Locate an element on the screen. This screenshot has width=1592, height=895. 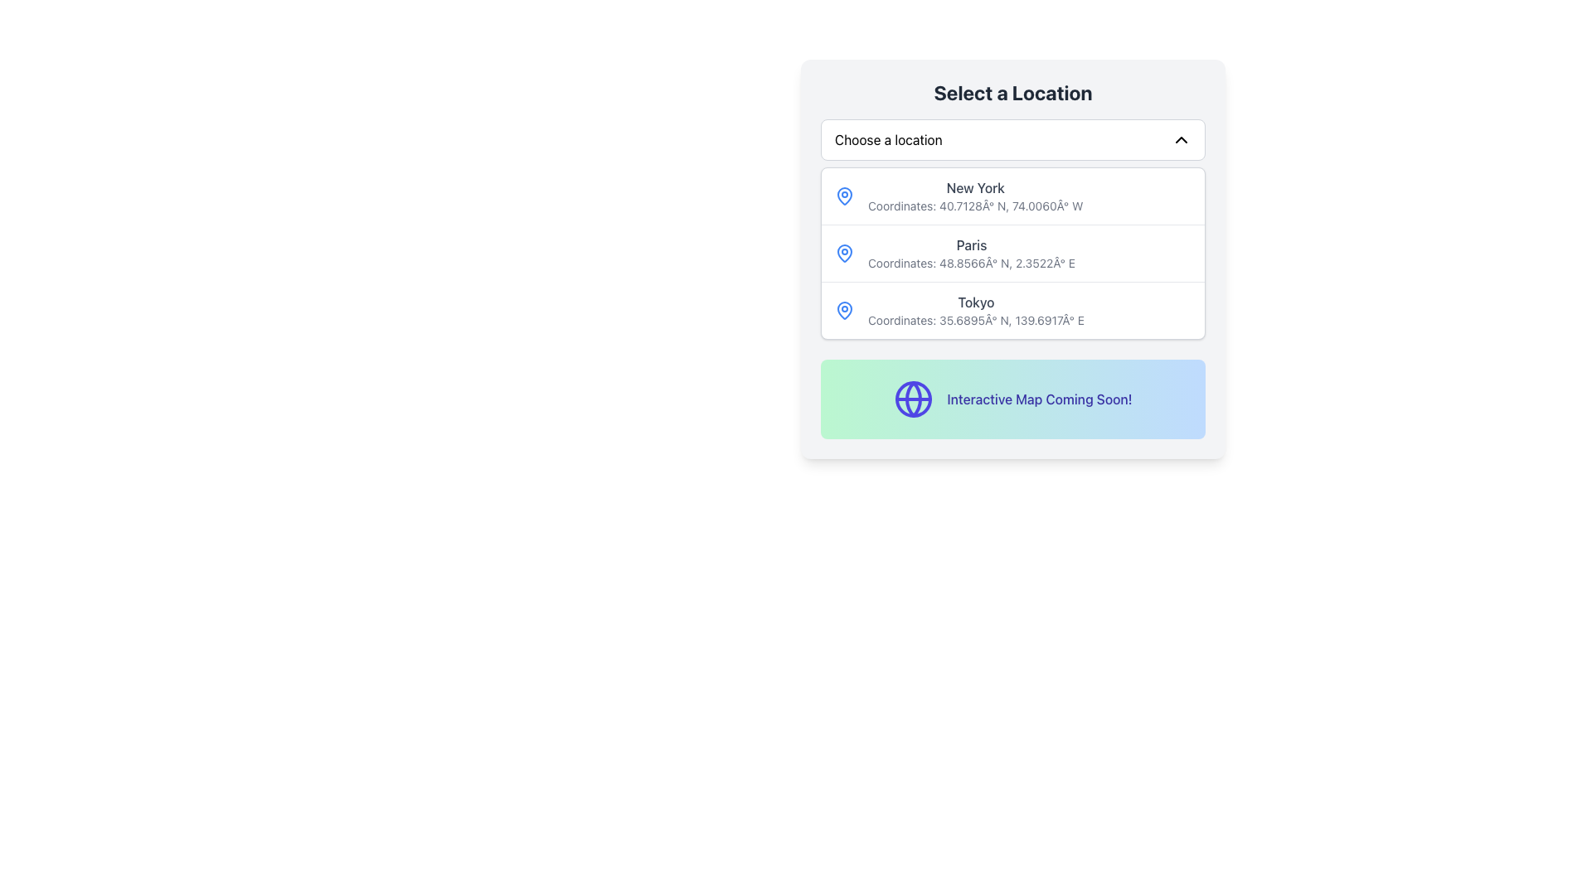
the bold indigo globe icon that features curved lines for latitude and longitude, located to the left of the text label 'Interactive Map Coming Soon!' within a gradient-colored box at the bottom of the 'Select a Location' interface is located at coordinates (913, 399).